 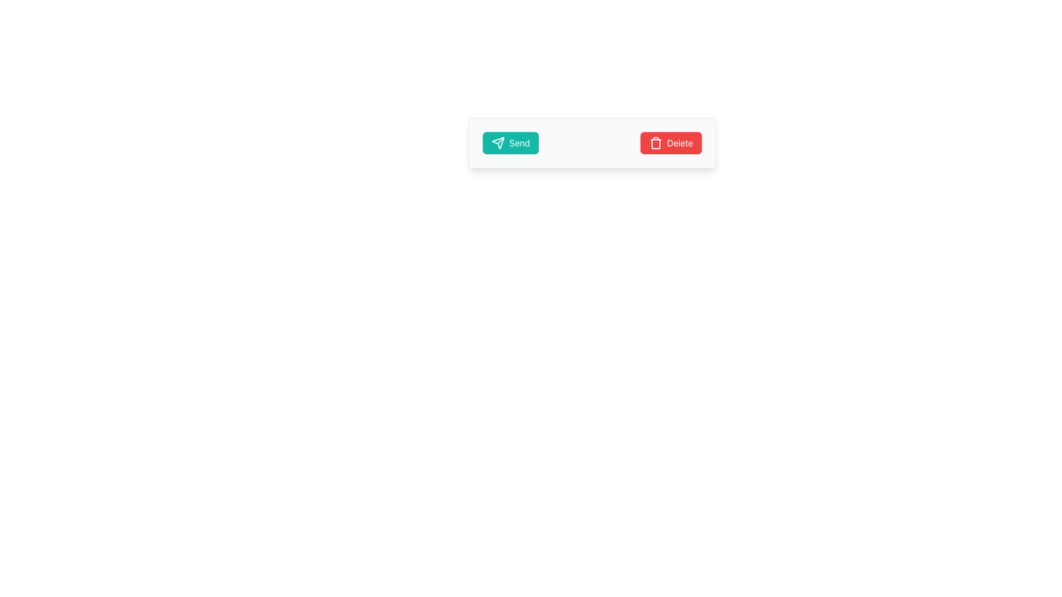 What do you see at coordinates (498, 142) in the screenshot?
I see `the send action icon located within the 'Send' button, which is positioned to the left of the text 'Send'` at bounding box center [498, 142].